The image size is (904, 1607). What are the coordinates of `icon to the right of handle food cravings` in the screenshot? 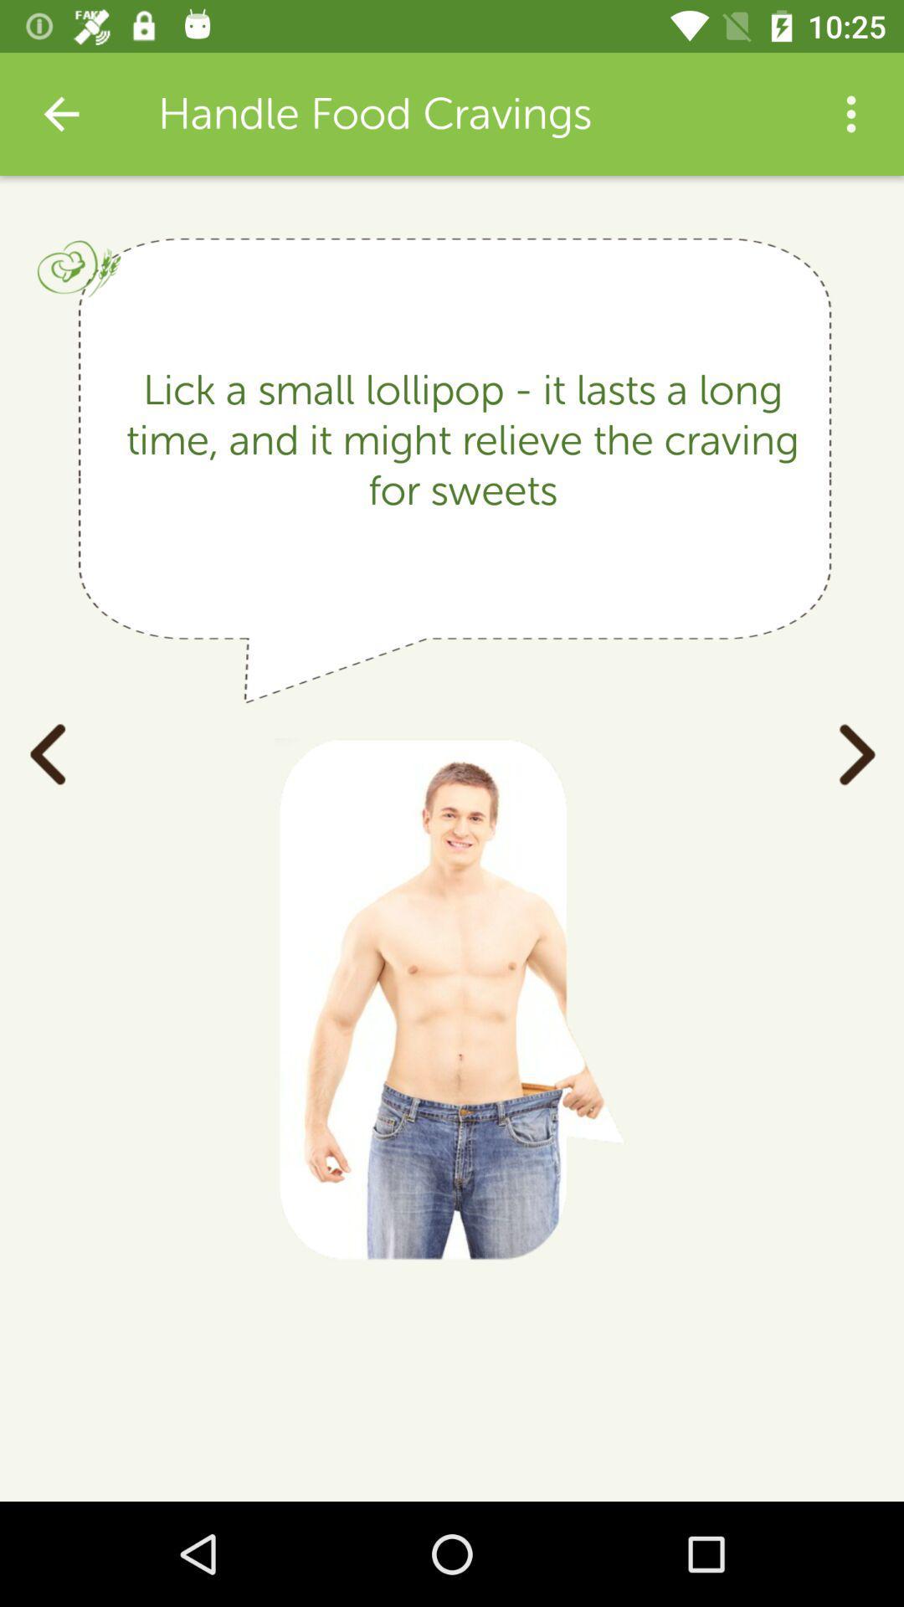 It's located at (851, 113).